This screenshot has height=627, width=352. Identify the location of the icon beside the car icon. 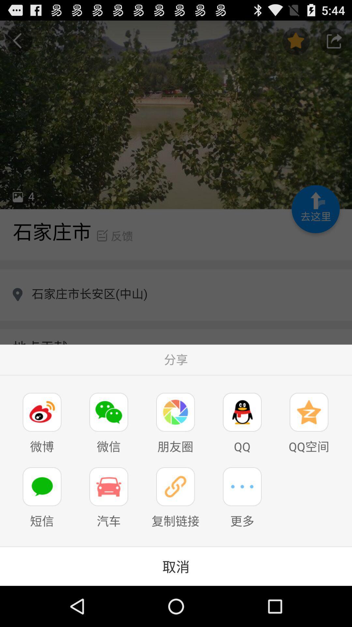
(175, 487).